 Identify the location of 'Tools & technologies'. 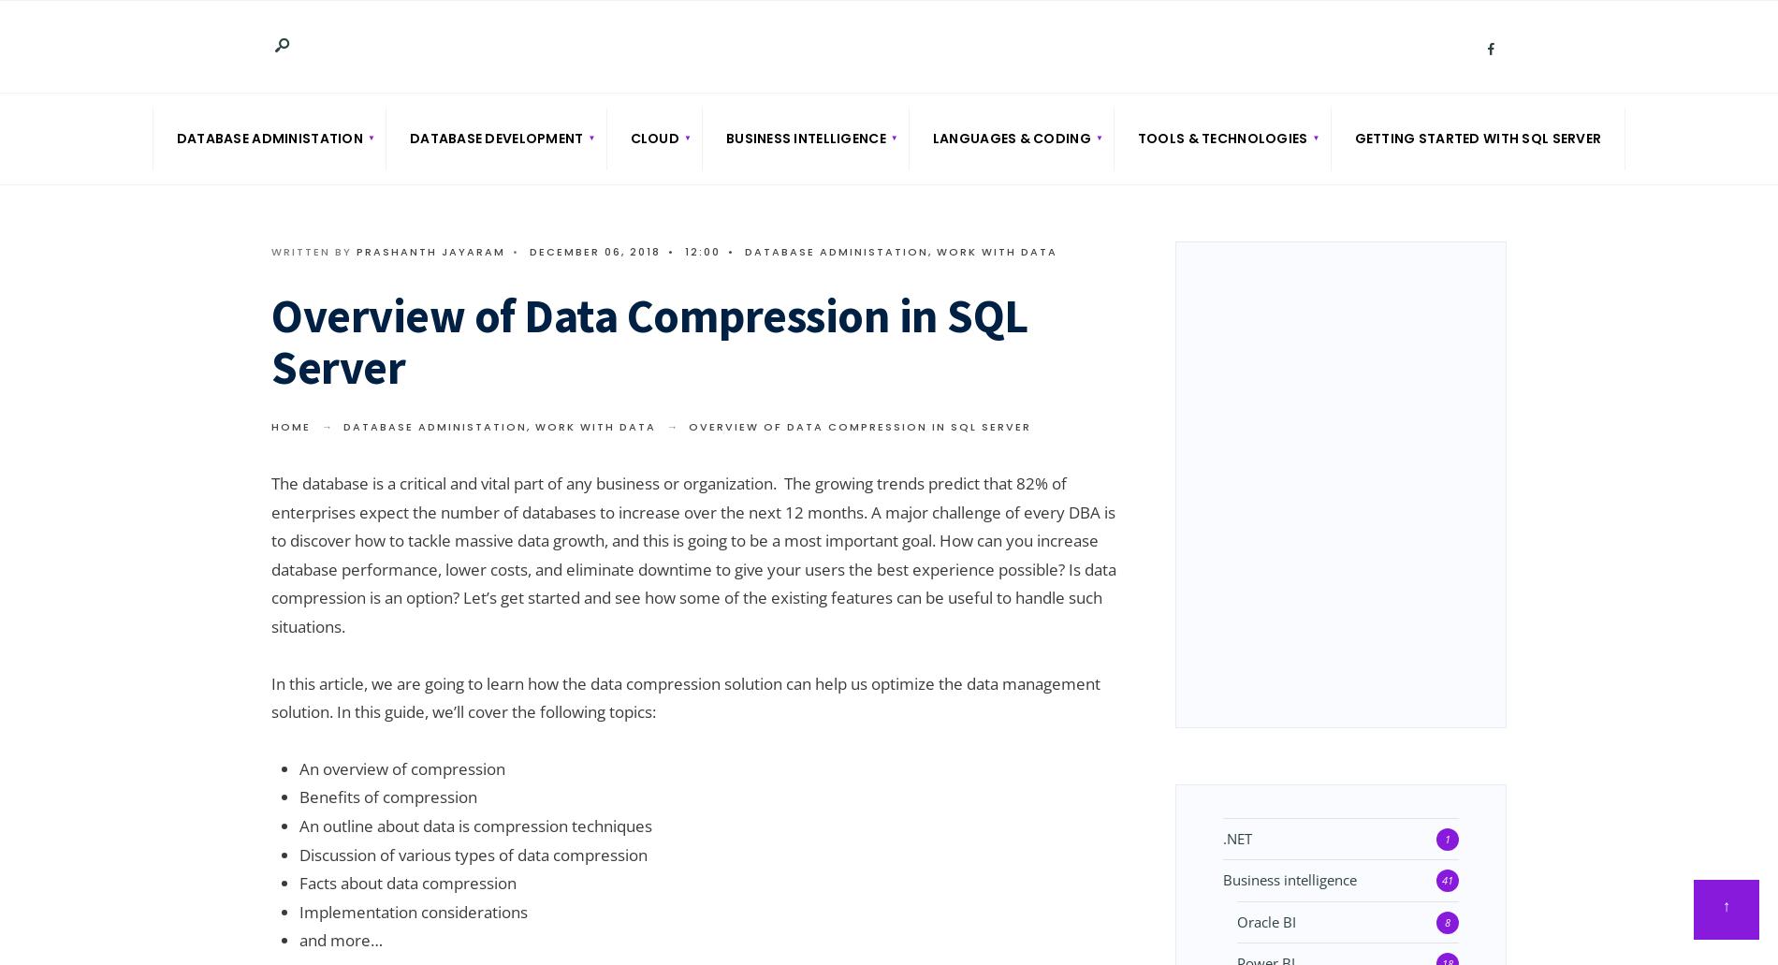
(1221, 137).